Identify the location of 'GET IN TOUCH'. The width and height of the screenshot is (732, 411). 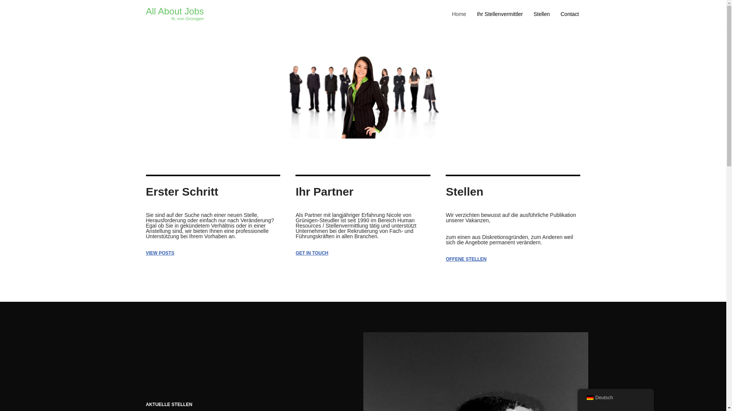
(311, 253).